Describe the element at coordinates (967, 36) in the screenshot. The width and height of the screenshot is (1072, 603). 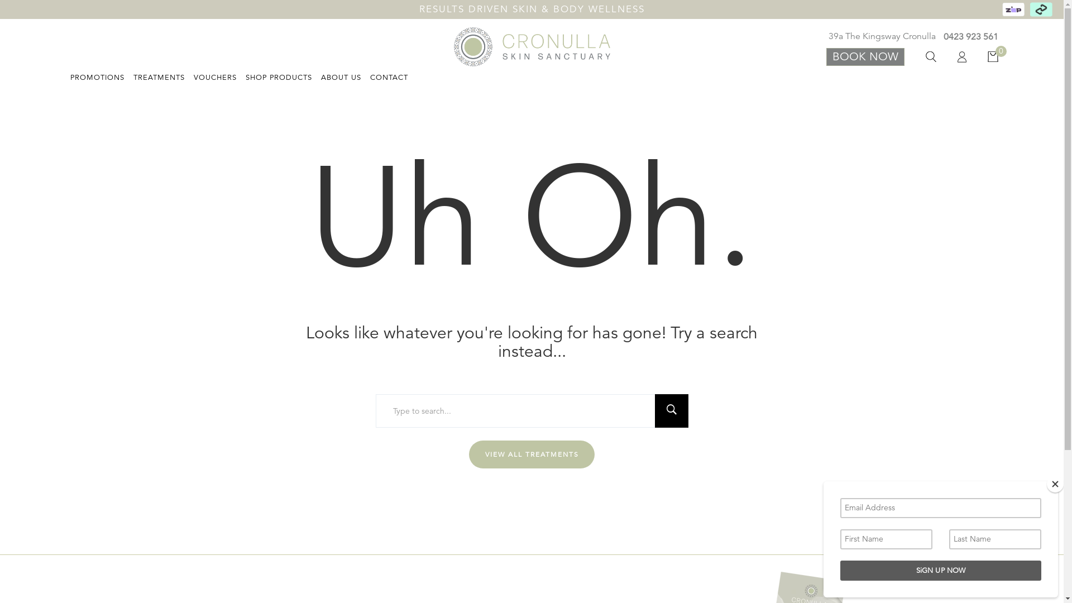
I see `'0423 923 561'` at that location.